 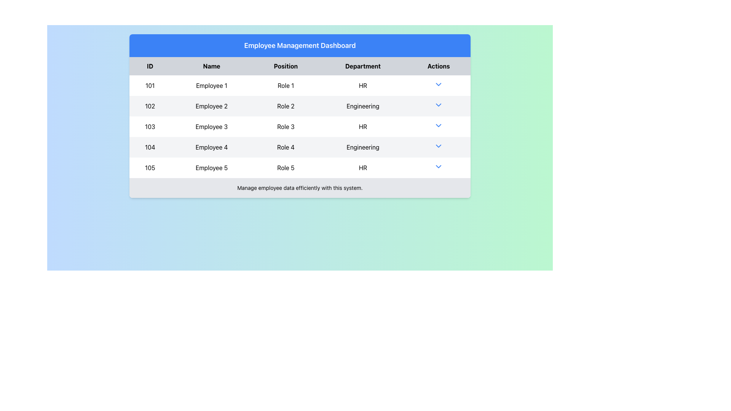 What do you see at coordinates (362, 106) in the screenshot?
I see `the 'Engineering' text label in the Department column of the Employee 2 row, which serves as reference information within the table layout` at bounding box center [362, 106].